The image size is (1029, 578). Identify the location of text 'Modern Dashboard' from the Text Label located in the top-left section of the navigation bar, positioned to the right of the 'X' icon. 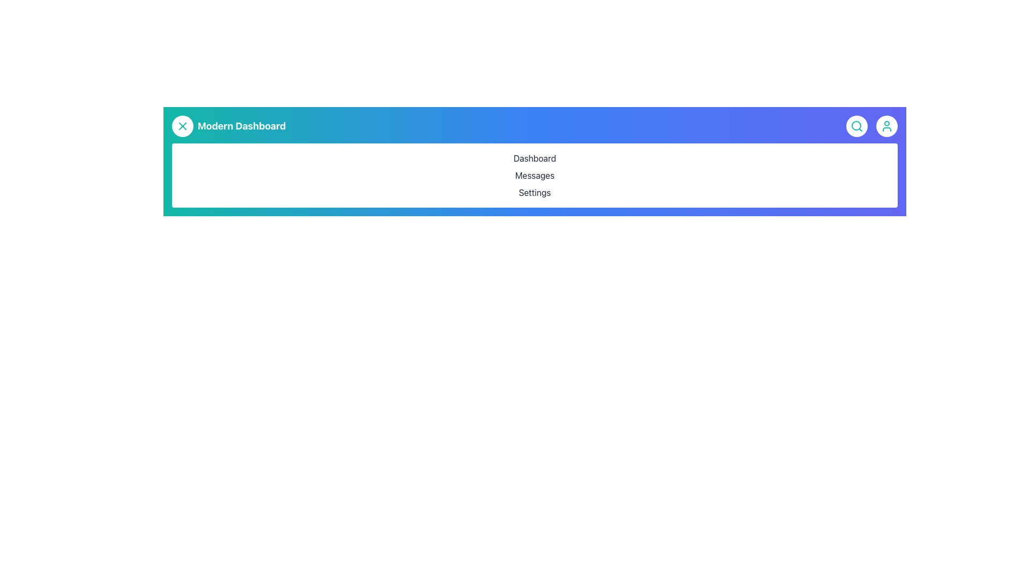
(228, 125).